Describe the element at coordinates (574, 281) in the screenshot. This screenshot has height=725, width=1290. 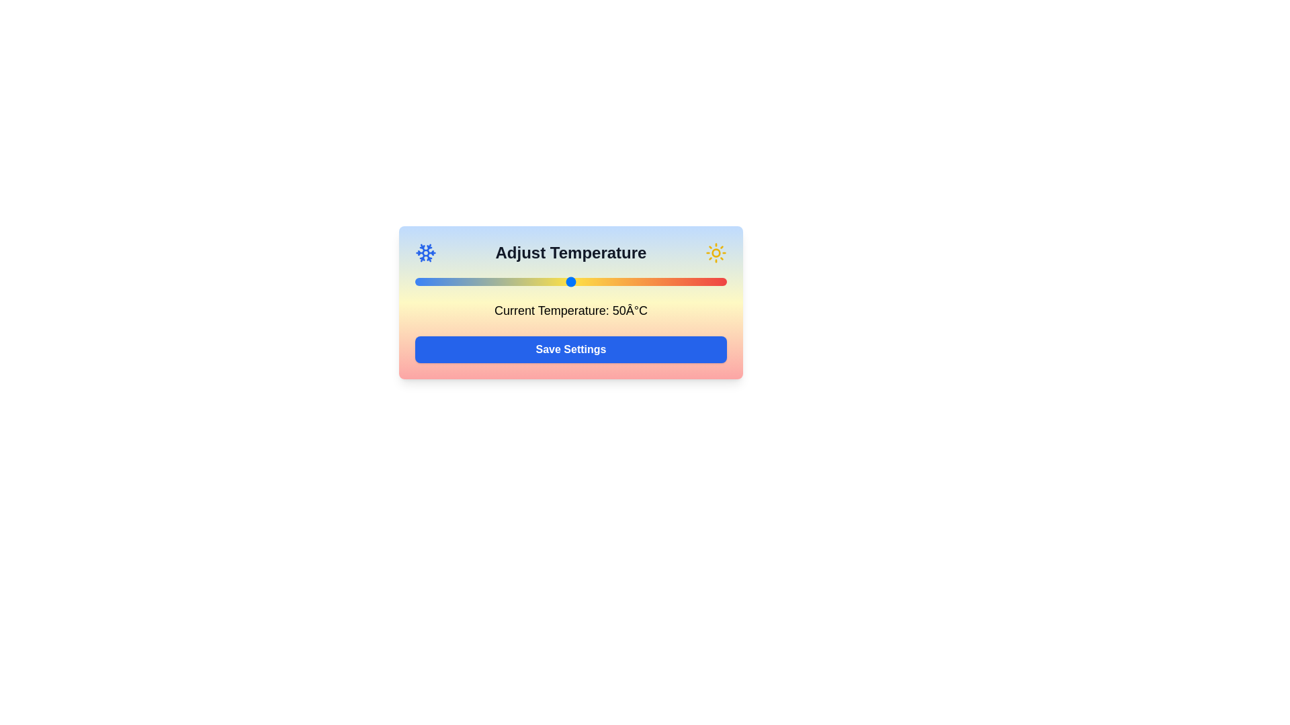
I see `the temperature to 51°C by moving the slider` at that location.